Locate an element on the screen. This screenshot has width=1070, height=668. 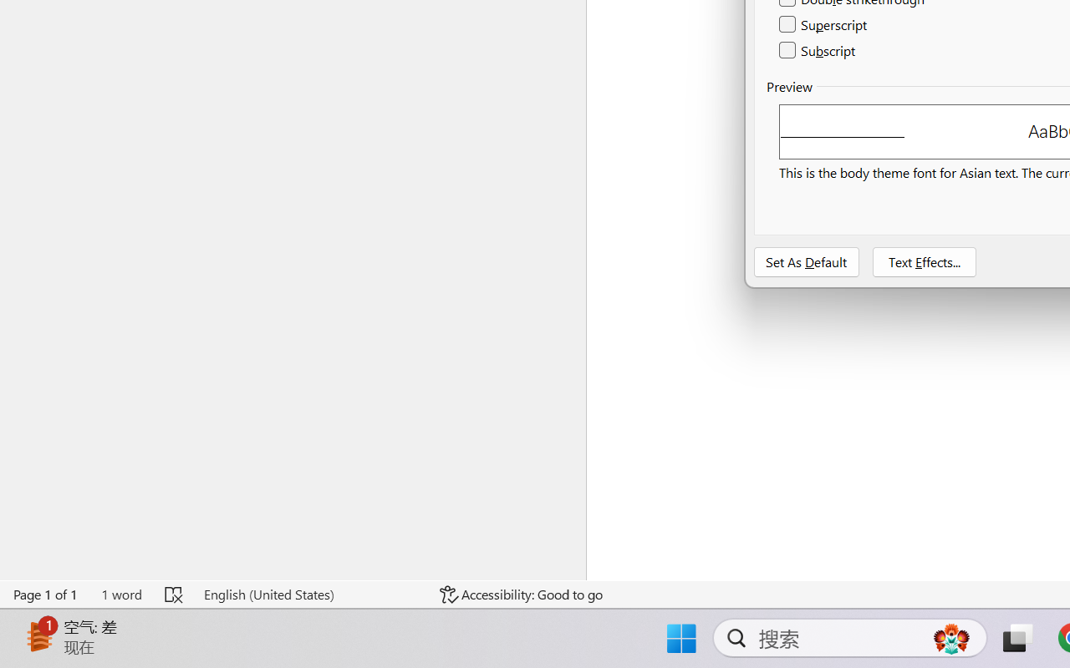
'Set As Default' is located at coordinates (807, 261).